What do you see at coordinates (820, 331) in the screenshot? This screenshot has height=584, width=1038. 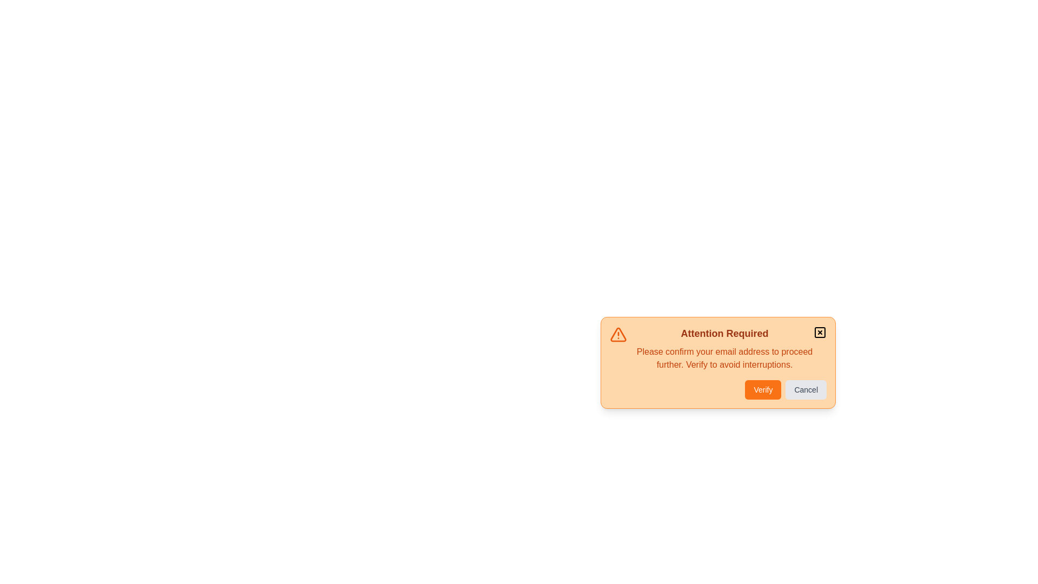 I see `the close button` at bounding box center [820, 331].